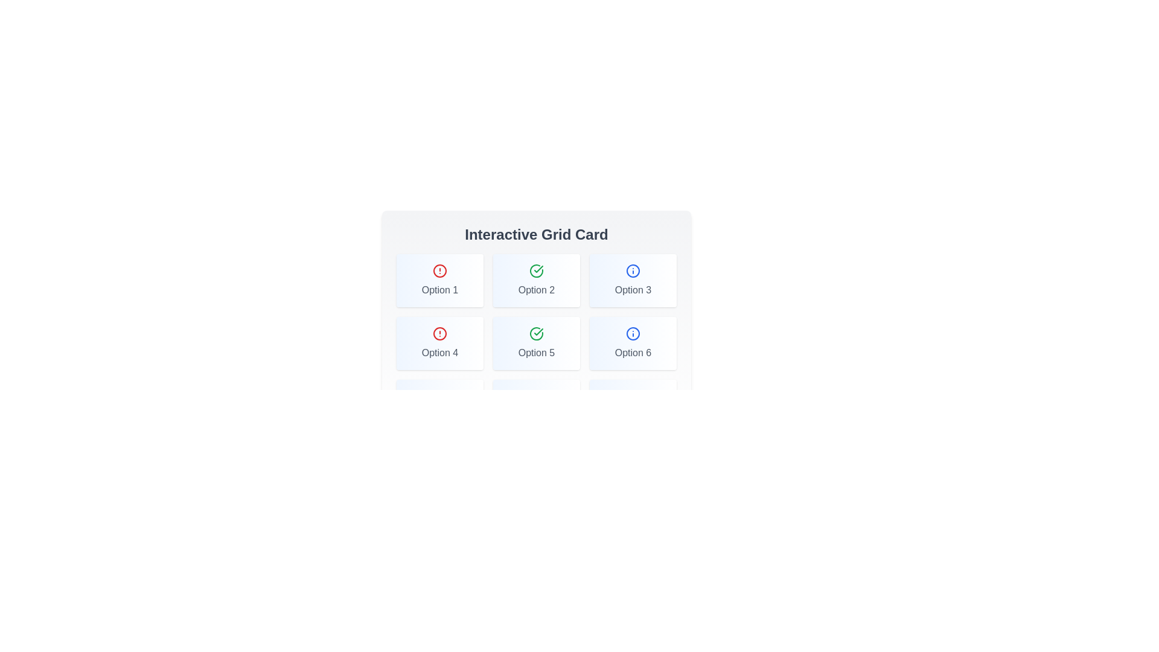 Image resolution: width=1159 pixels, height=652 pixels. I want to click on the alert symbol icon located in the card labeled 'Option 4', which is centrally placed above the text 'Option 4', so click(439, 333).